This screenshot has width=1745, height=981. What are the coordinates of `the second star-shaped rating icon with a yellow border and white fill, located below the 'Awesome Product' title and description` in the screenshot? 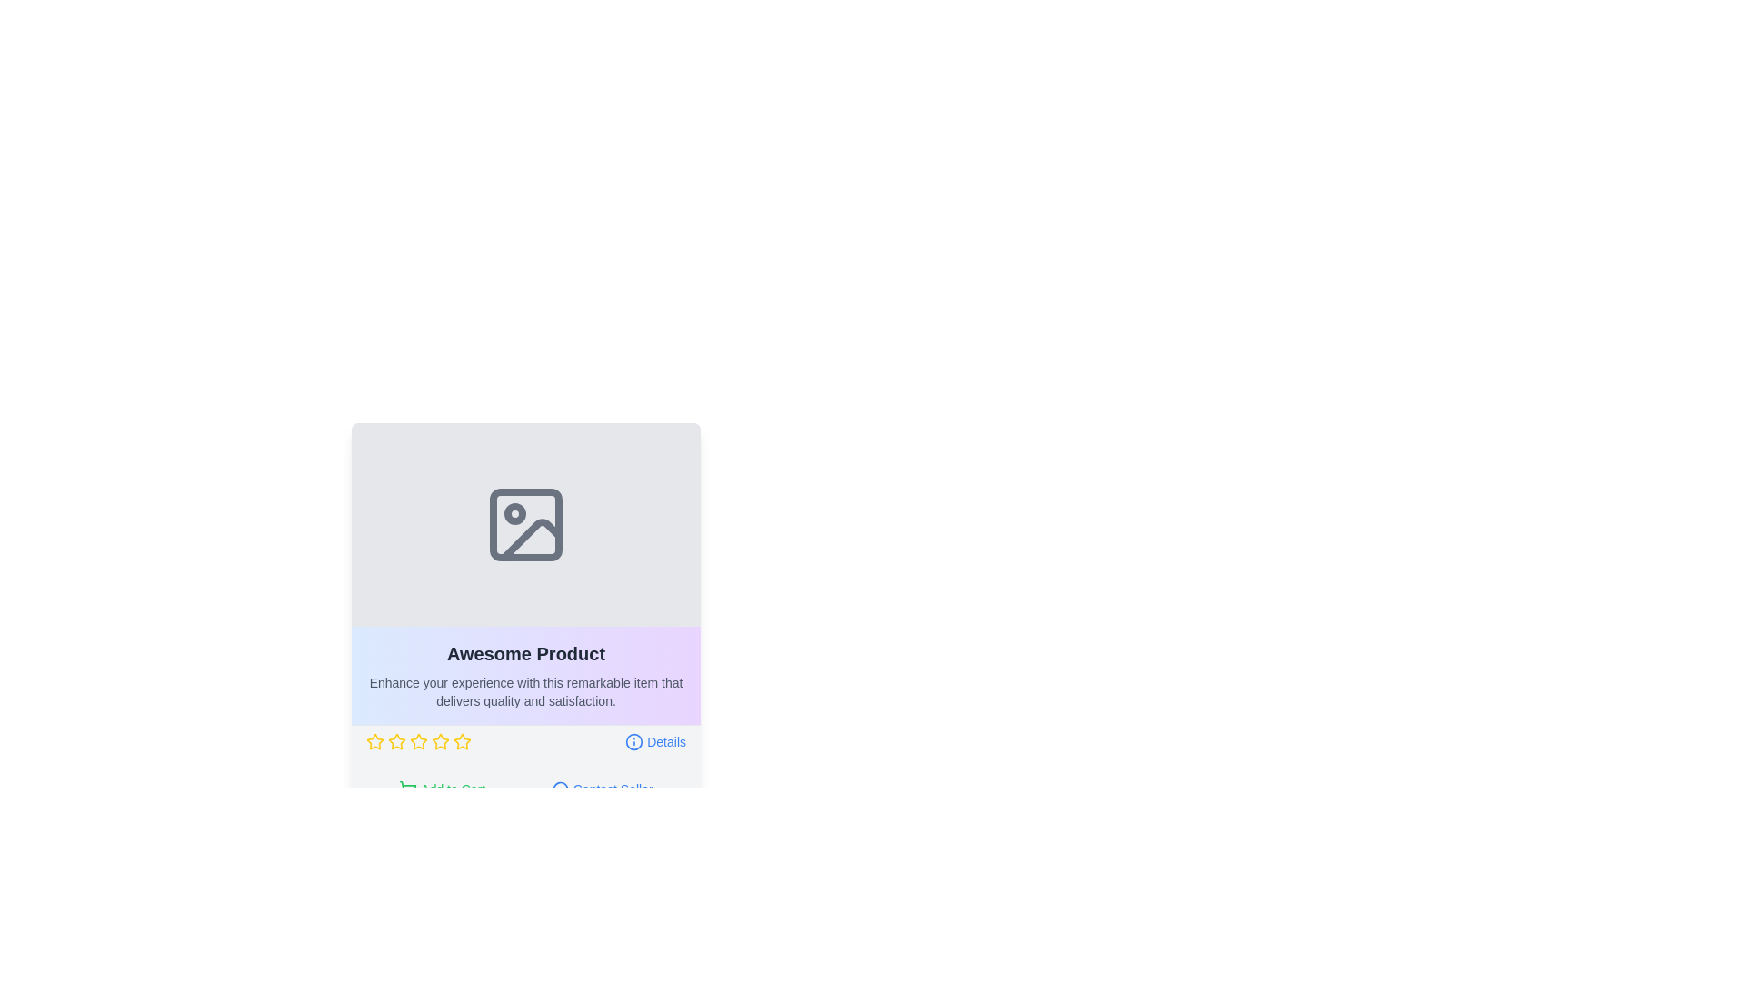 It's located at (417, 741).